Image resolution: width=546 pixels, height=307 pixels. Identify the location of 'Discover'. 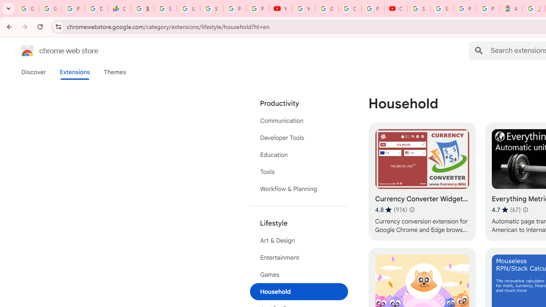
(34, 72).